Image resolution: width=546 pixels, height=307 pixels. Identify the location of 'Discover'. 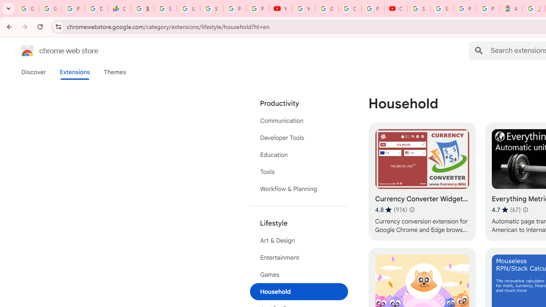
(34, 72).